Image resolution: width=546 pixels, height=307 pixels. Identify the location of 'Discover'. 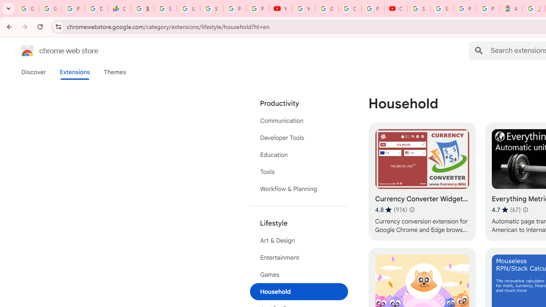
(34, 72).